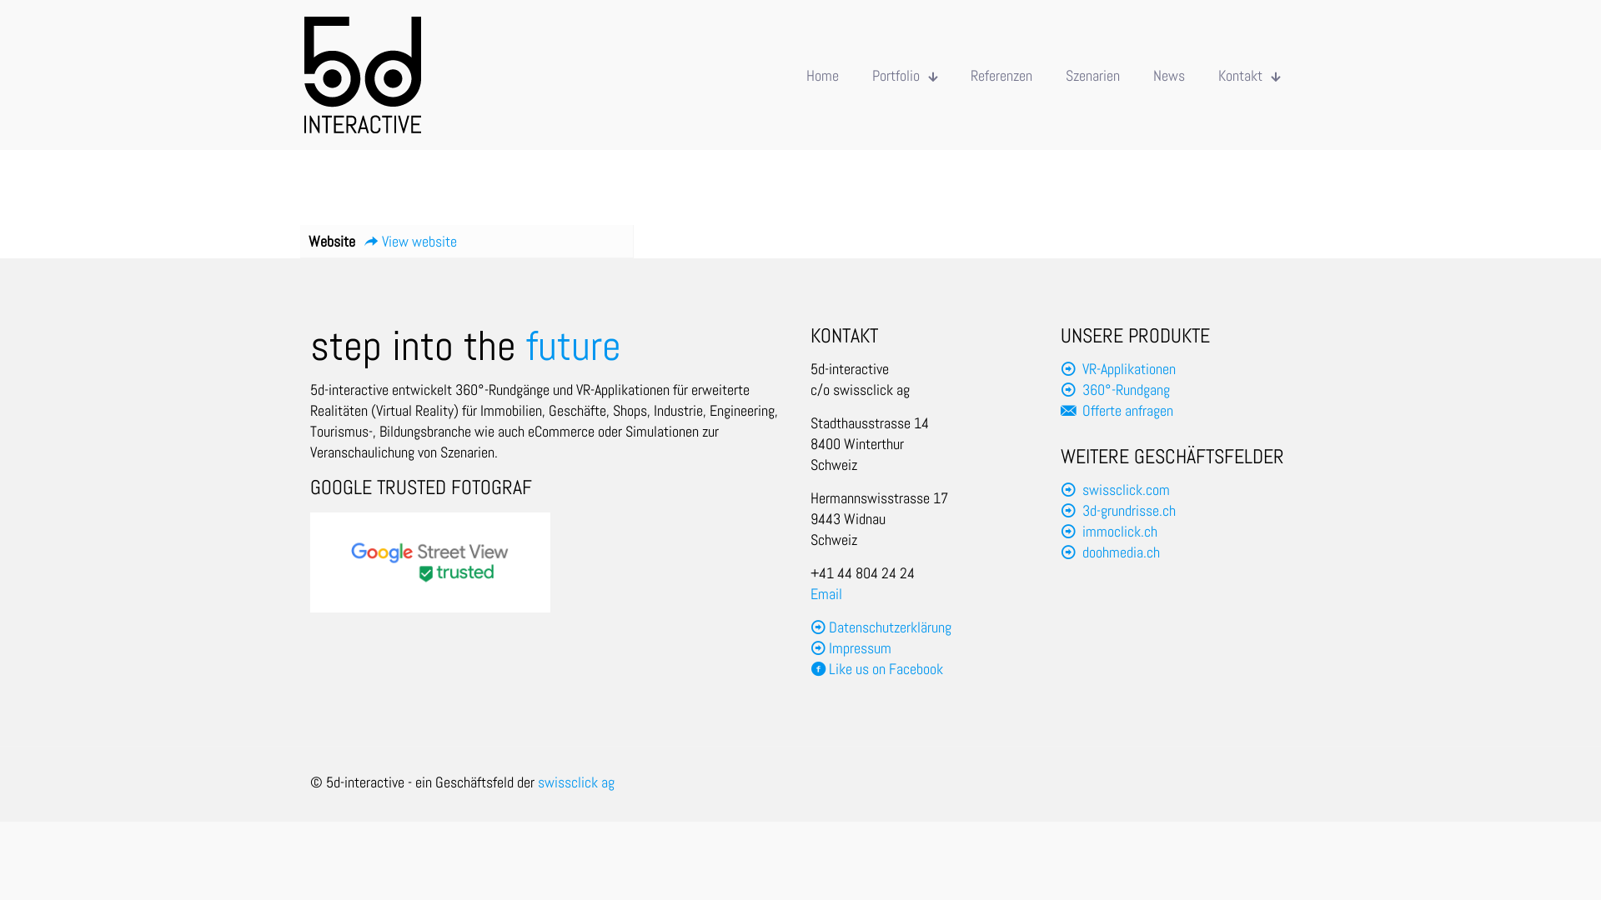 The image size is (1601, 900). What do you see at coordinates (1120, 531) in the screenshot?
I see `'immoclick.ch'` at bounding box center [1120, 531].